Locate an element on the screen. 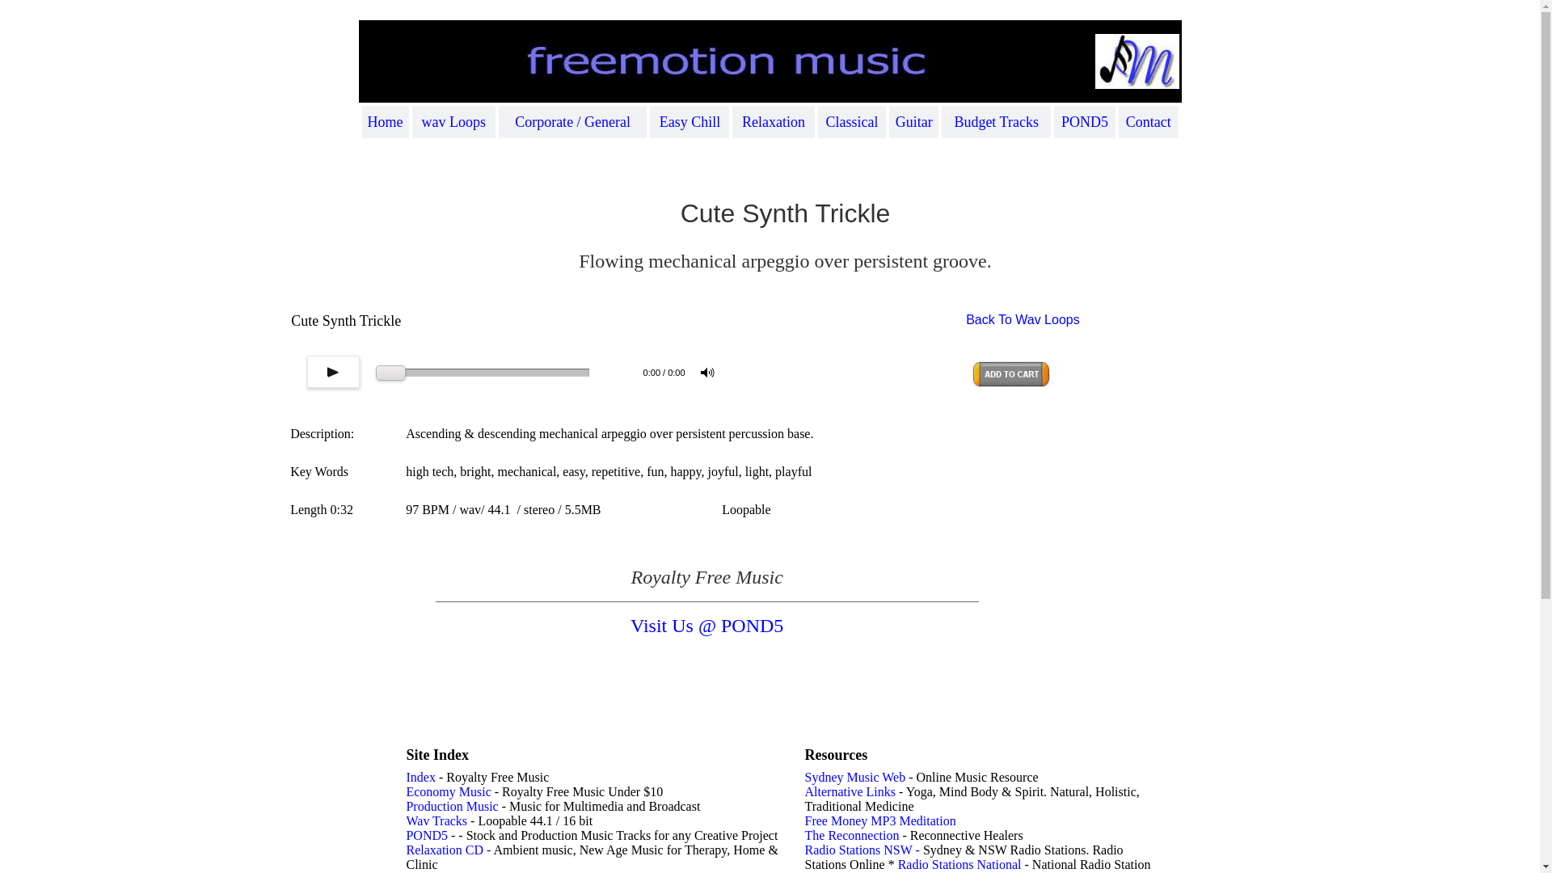 This screenshot has height=873, width=1552. 'Corporate / General' is located at coordinates (572, 120).